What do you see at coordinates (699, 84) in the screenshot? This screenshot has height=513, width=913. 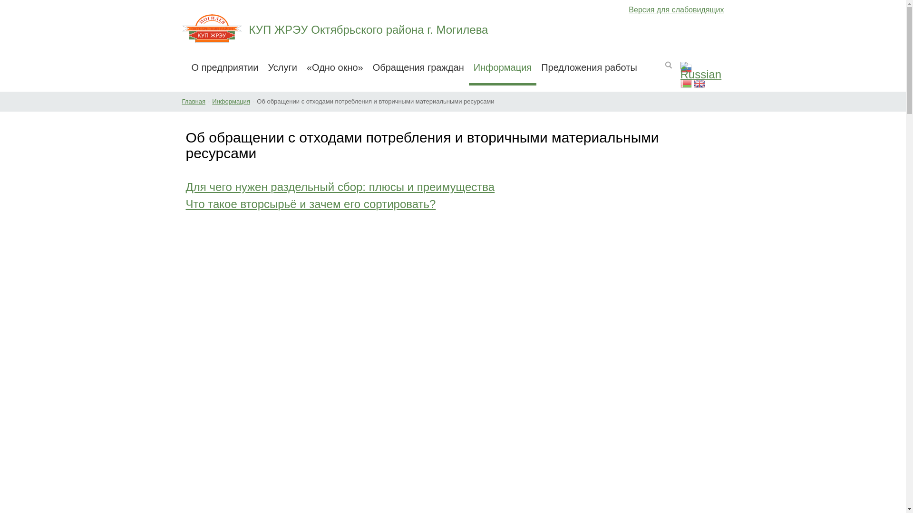 I see `'English'` at bounding box center [699, 84].